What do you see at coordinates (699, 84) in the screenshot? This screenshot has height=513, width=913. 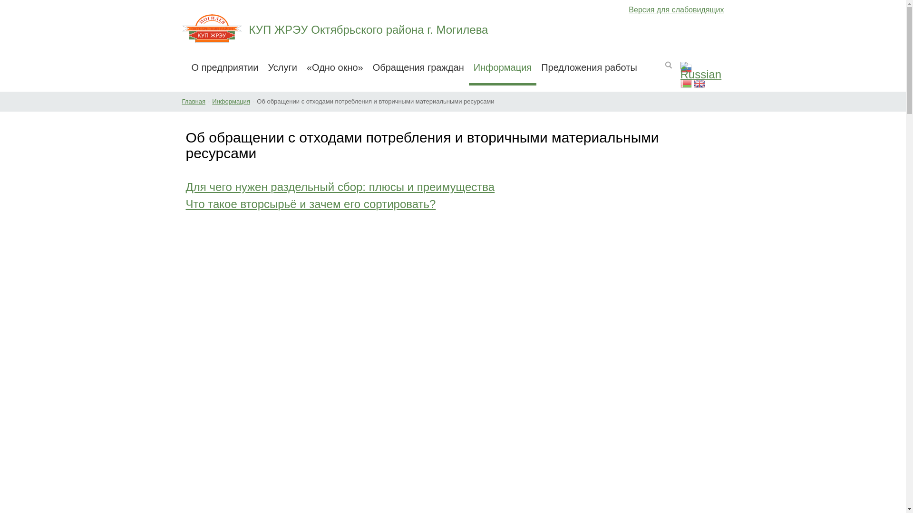 I see `'English'` at bounding box center [699, 84].